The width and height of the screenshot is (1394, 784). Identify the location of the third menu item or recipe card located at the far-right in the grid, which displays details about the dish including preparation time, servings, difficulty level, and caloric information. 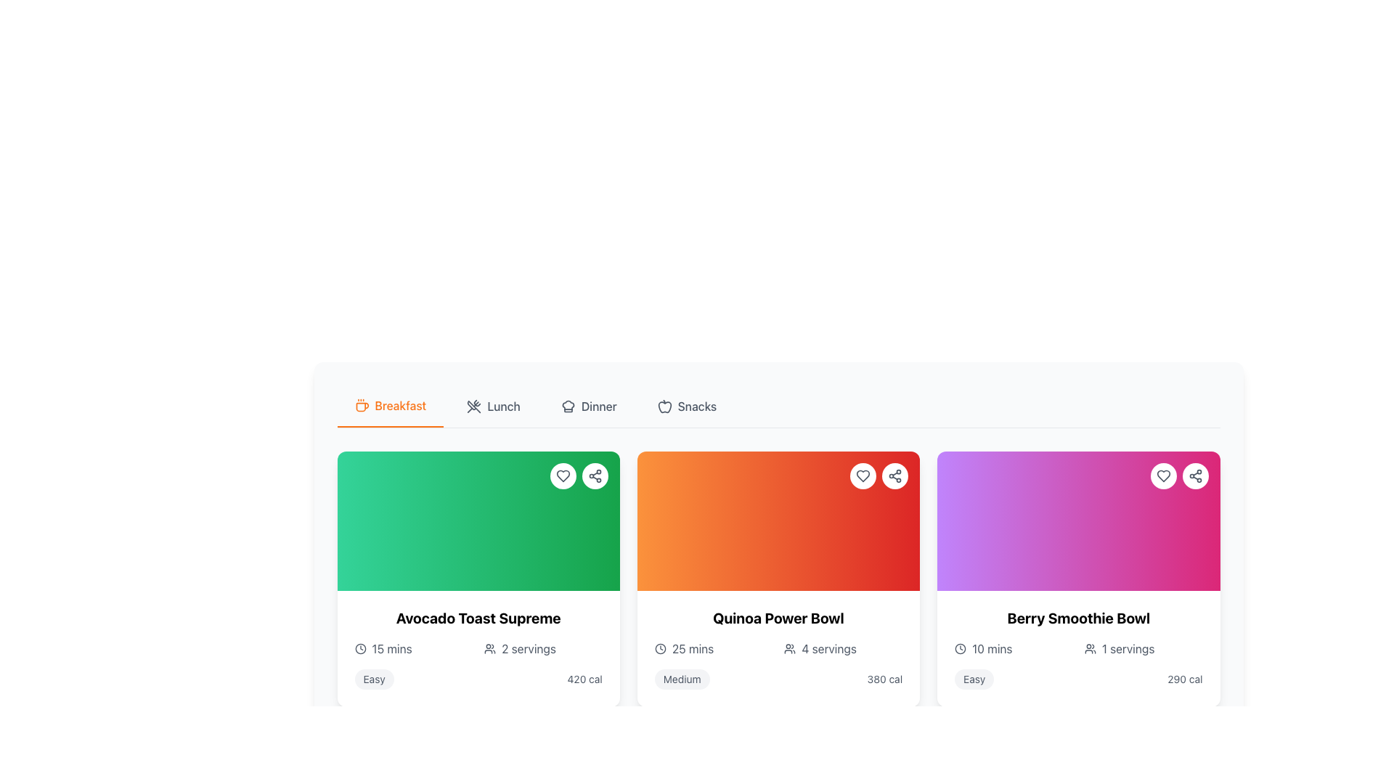
(1078, 648).